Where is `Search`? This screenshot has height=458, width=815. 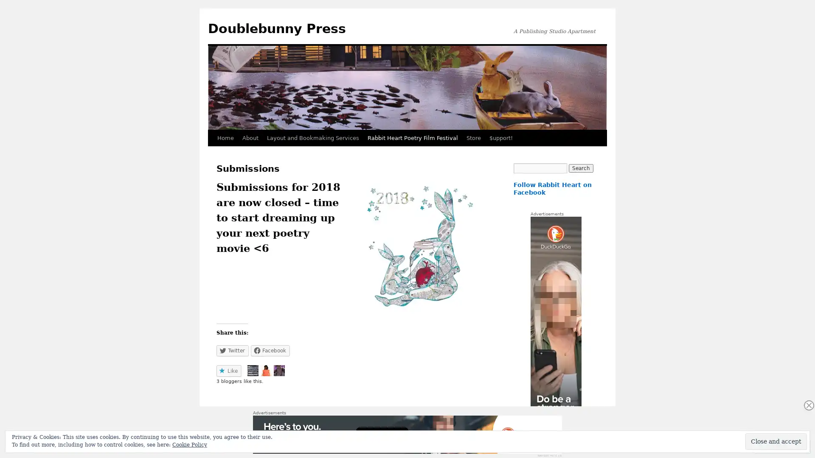
Search is located at coordinates (580, 168).